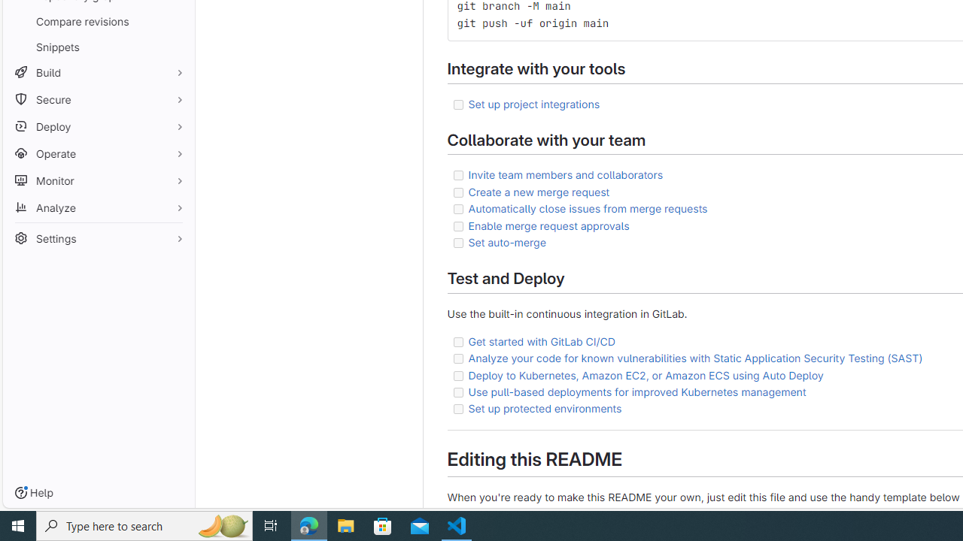  What do you see at coordinates (533, 102) in the screenshot?
I see `'Set up project integrations'` at bounding box center [533, 102].